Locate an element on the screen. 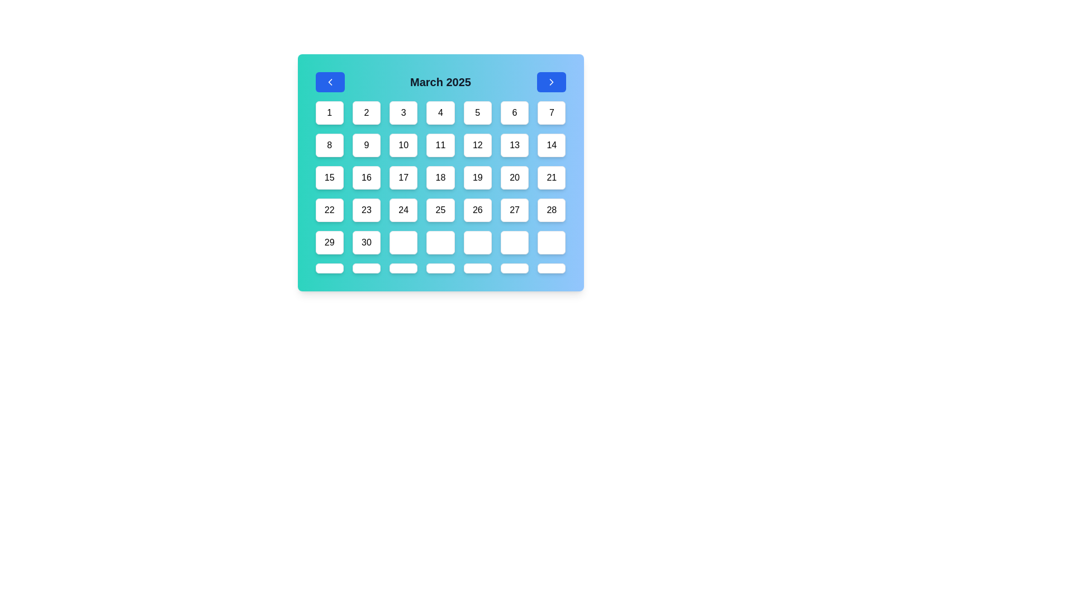 The height and width of the screenshot is (604, 1073). the cell containing the number '30' in the last row and second column of the grid-based calendar, which has a white background and a light gray border is located at coordinates (366, 242).